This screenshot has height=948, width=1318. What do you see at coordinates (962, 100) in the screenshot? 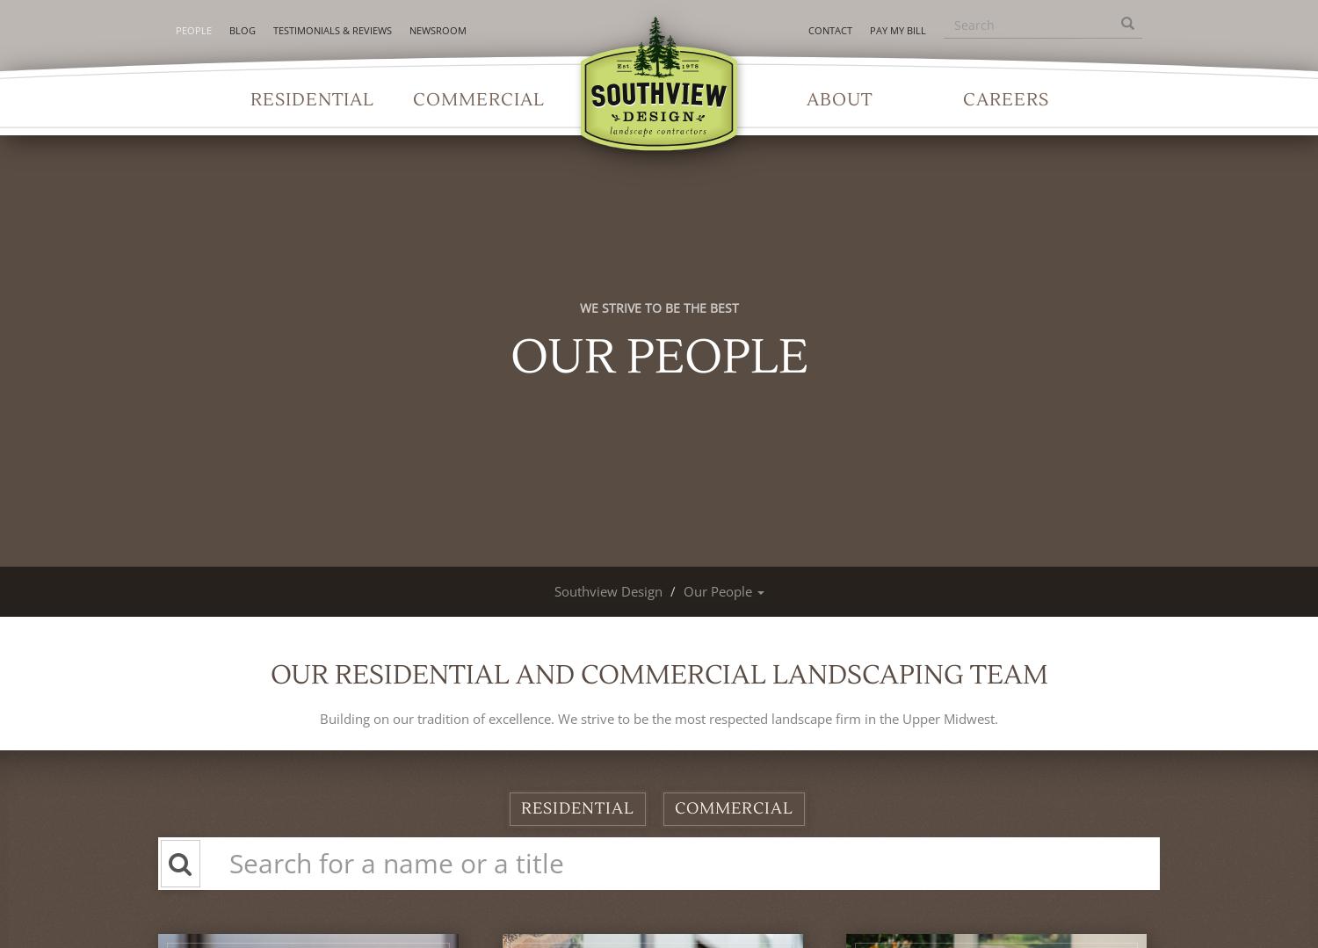
I see `'Careers'` at bounding box center [962, 100].